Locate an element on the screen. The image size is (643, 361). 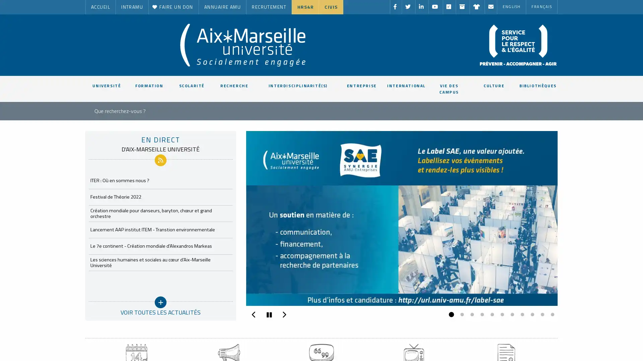
Go to slide 8 is located at coordinates (520, 315).